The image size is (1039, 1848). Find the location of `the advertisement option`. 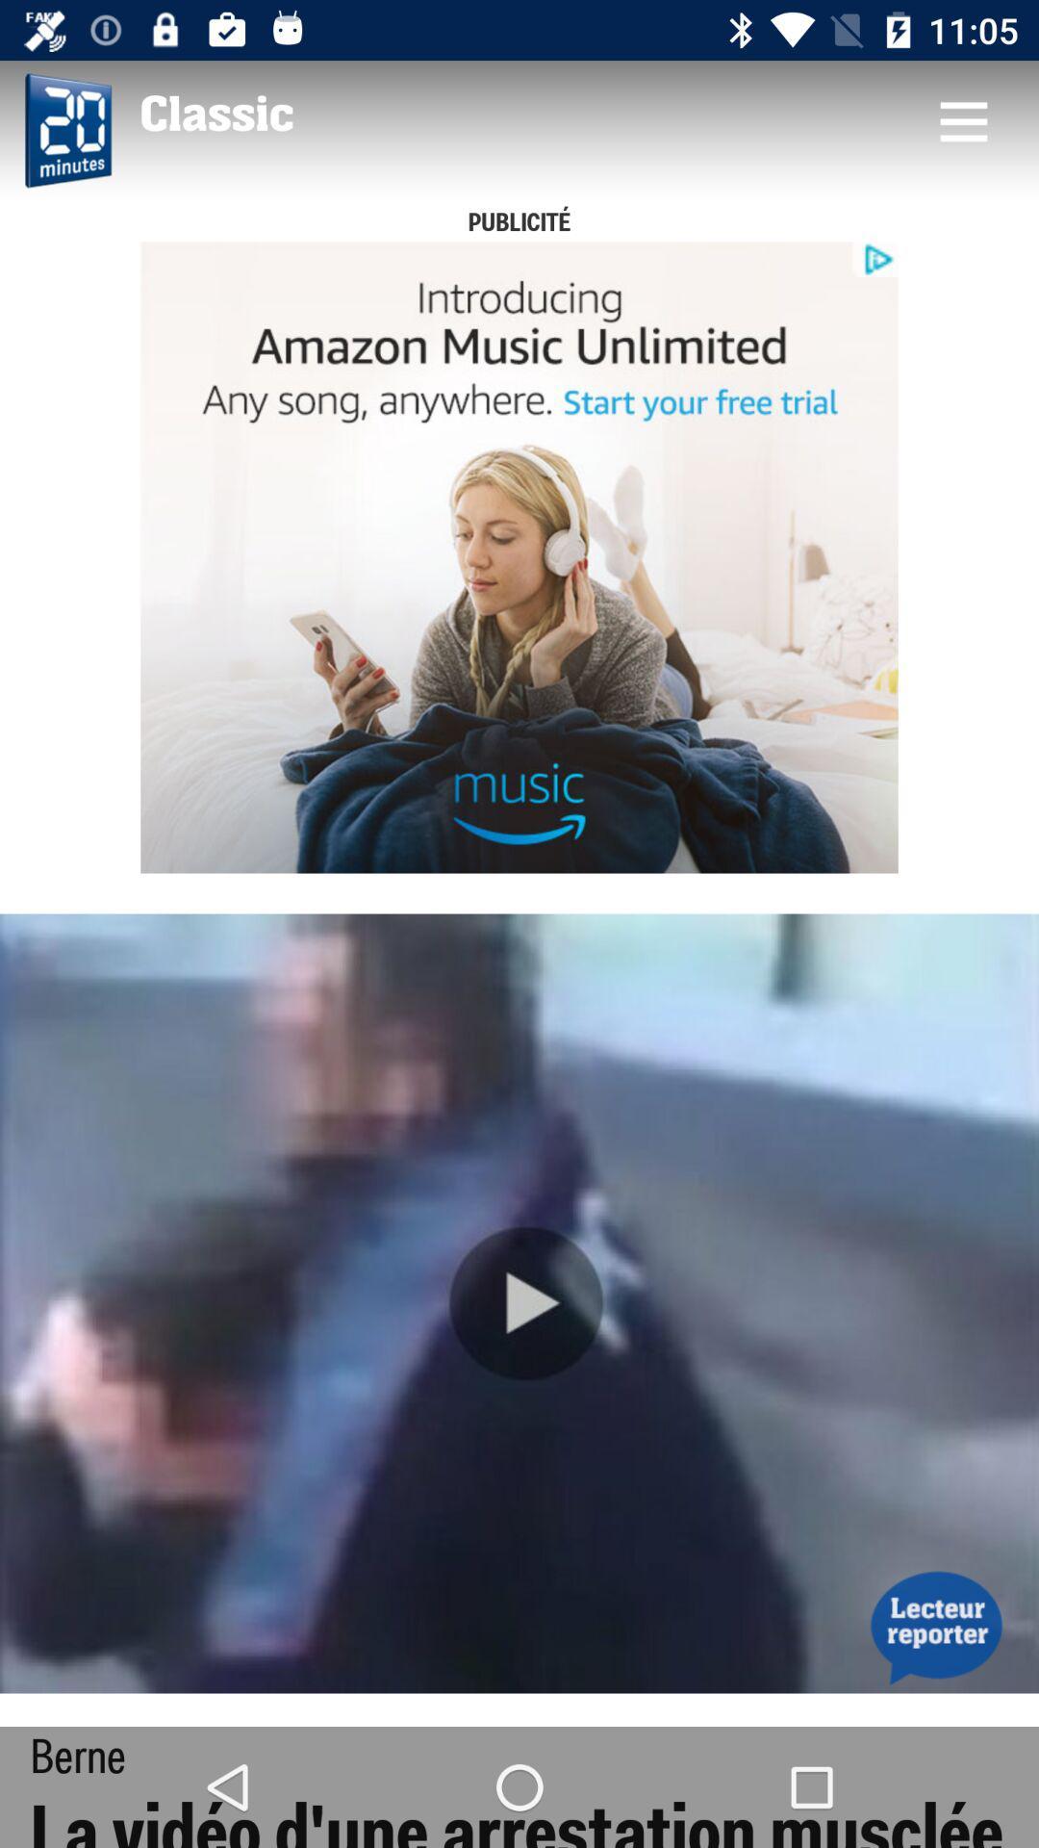

the advertisement option is located at coordinates (519, 556).